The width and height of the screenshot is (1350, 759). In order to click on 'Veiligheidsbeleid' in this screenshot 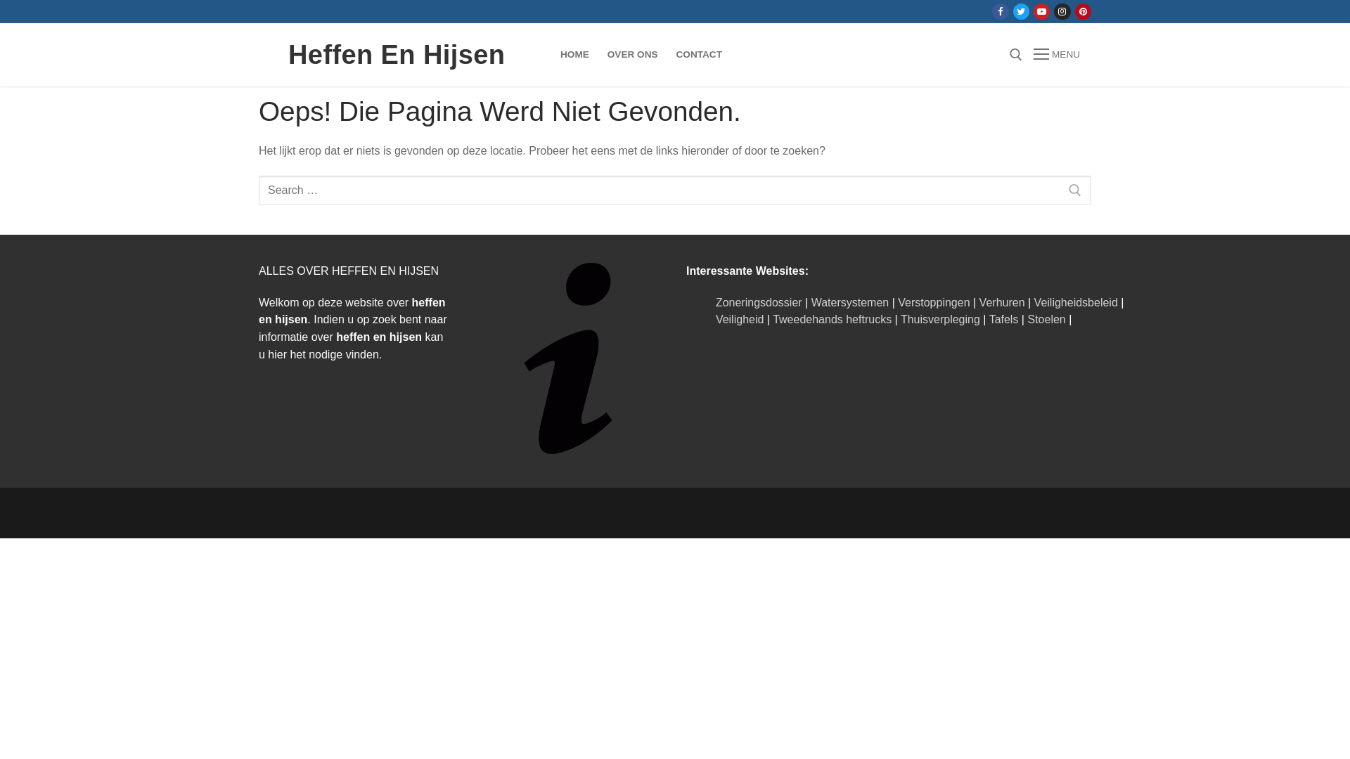, I will do `click(1075, 301)`.